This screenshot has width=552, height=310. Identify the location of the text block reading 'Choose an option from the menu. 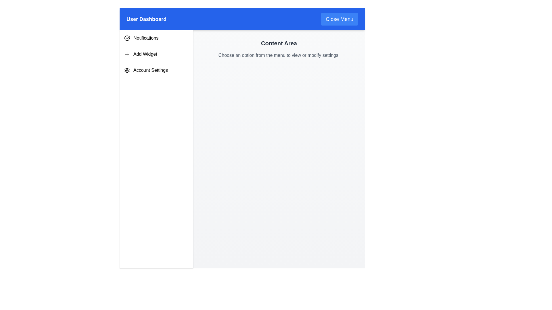
(279, 55).